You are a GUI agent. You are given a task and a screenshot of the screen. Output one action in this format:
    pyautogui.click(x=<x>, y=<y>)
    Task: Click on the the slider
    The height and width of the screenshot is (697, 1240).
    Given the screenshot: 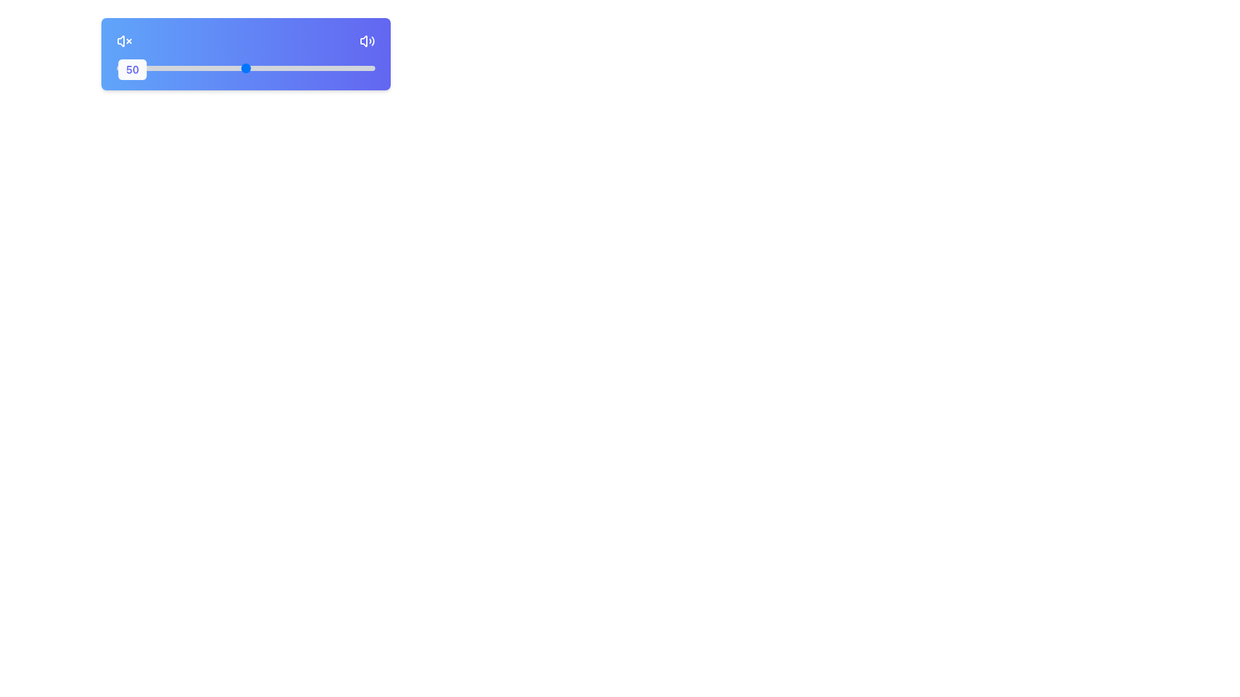 What is the action you would take?
    pyautogui.click(x=201, y=68)
    